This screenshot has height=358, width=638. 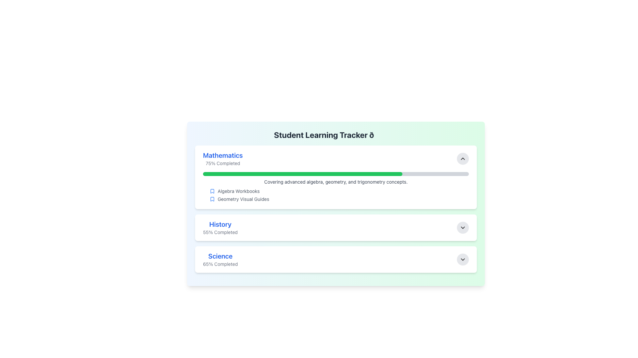 I want to click on progress bar located in the Mathematics section of the Student Learning Tracker interface, which visually represents the progress at '75% Completed', so click(x=336, y=173).